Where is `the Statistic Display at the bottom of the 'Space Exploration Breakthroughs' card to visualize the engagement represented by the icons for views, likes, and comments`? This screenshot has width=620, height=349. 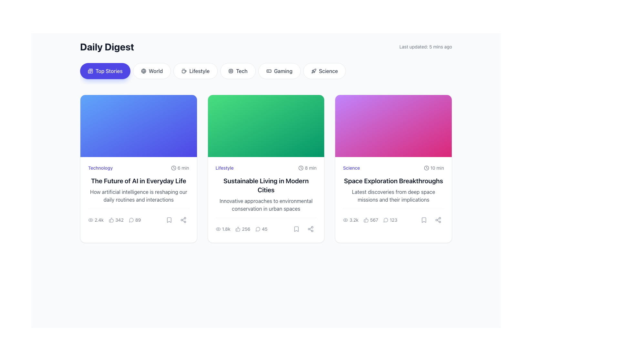
the Statistic Display at the bottom of the 'Space Exploration Breakthroughs' card to visualize the engagement represented by the icons for views, likes, and comments is located at coordinates (370, 220).